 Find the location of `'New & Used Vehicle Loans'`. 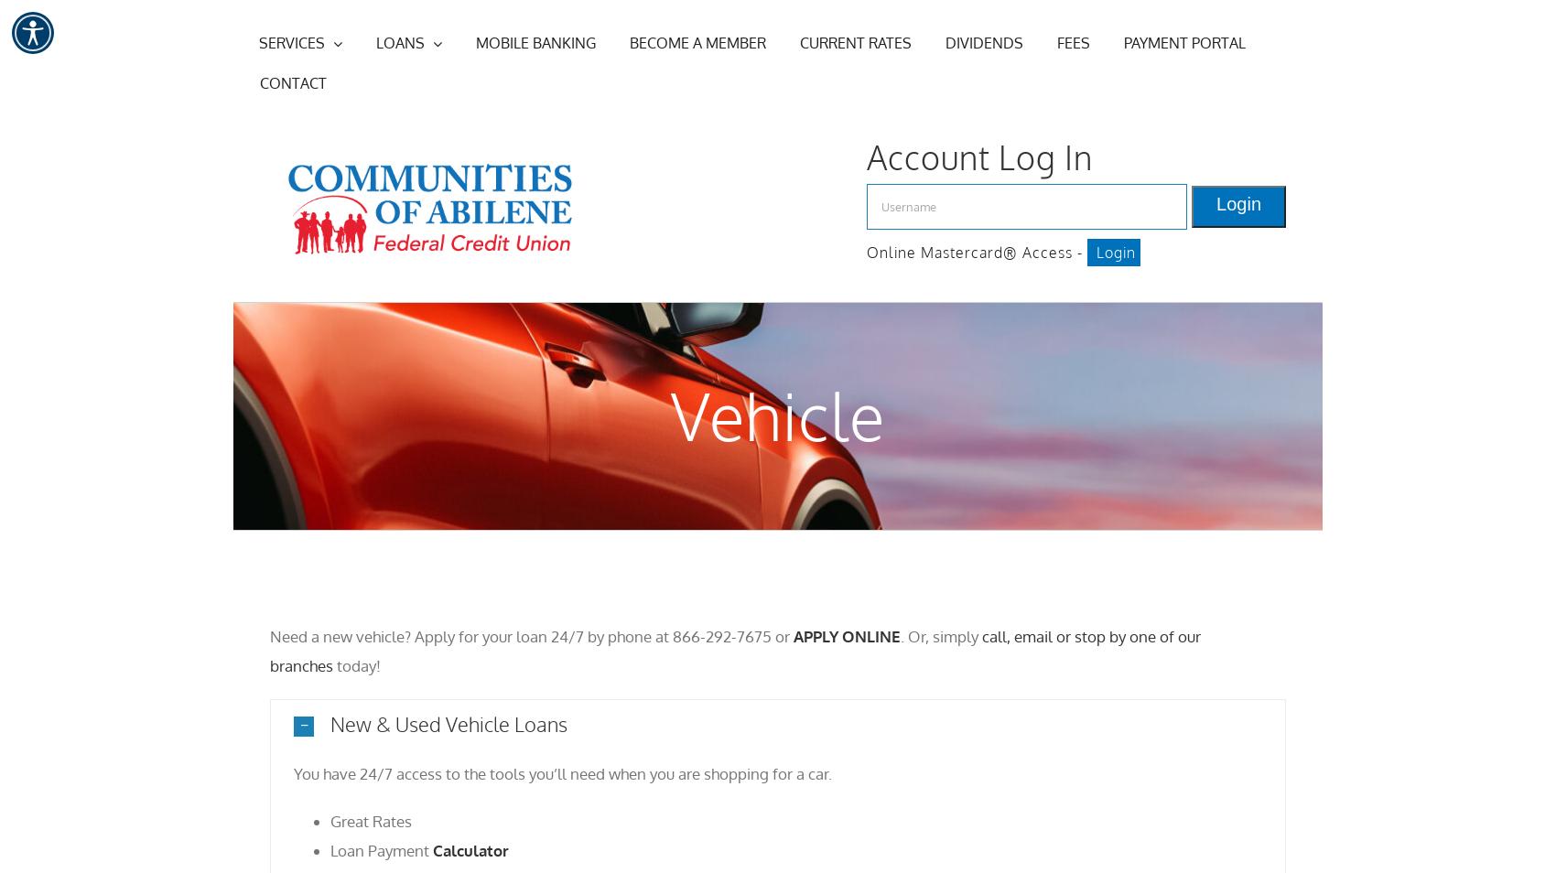

'New & Used Vehicle Loans' is located at coordinates (448, 723).